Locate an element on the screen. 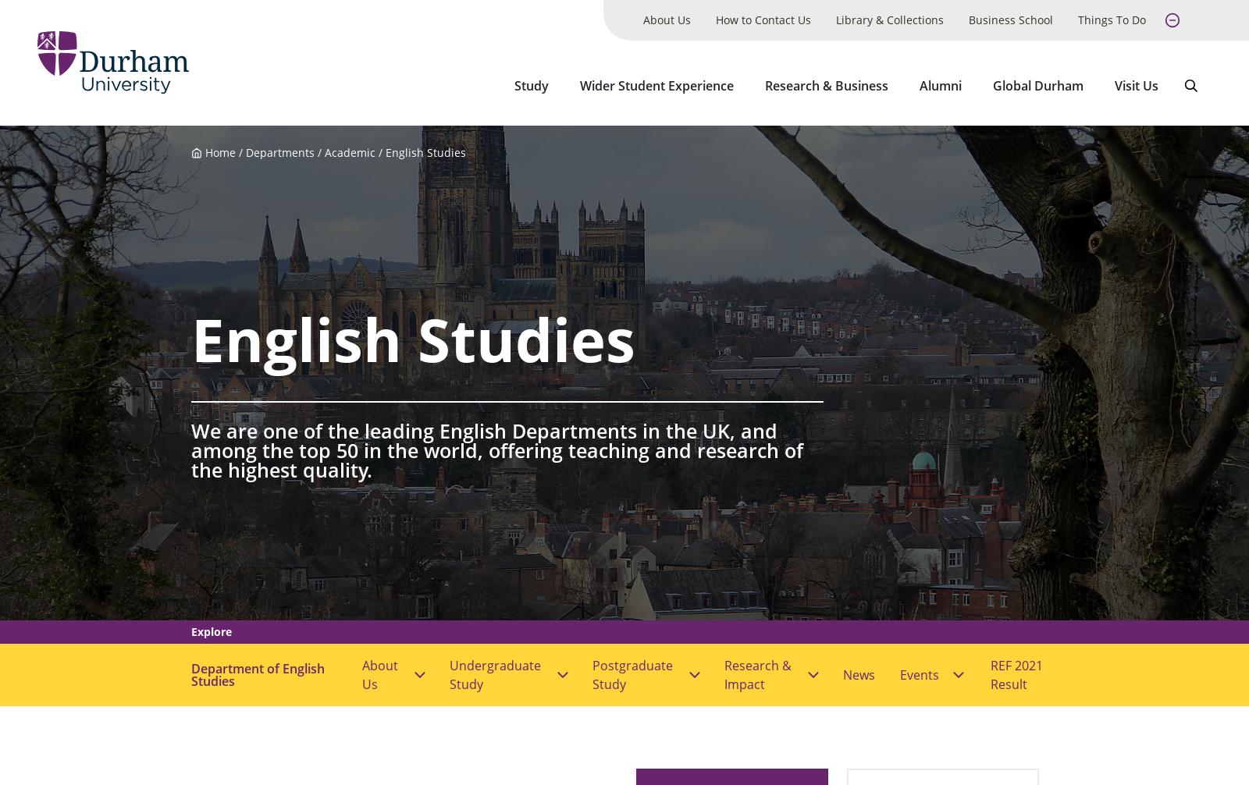  '1:00 PM to 2:30 PM' is located at coordinates (468, 87).